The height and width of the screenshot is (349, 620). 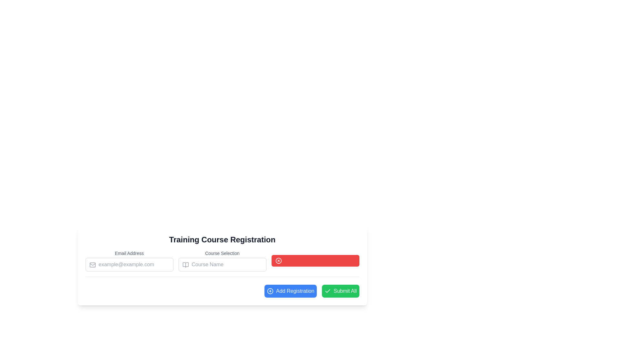 I want to click on the red rectangular button with rounded corners featuring a white outlined cross icon to trigger visual feedback, so click(x=315, y=260).